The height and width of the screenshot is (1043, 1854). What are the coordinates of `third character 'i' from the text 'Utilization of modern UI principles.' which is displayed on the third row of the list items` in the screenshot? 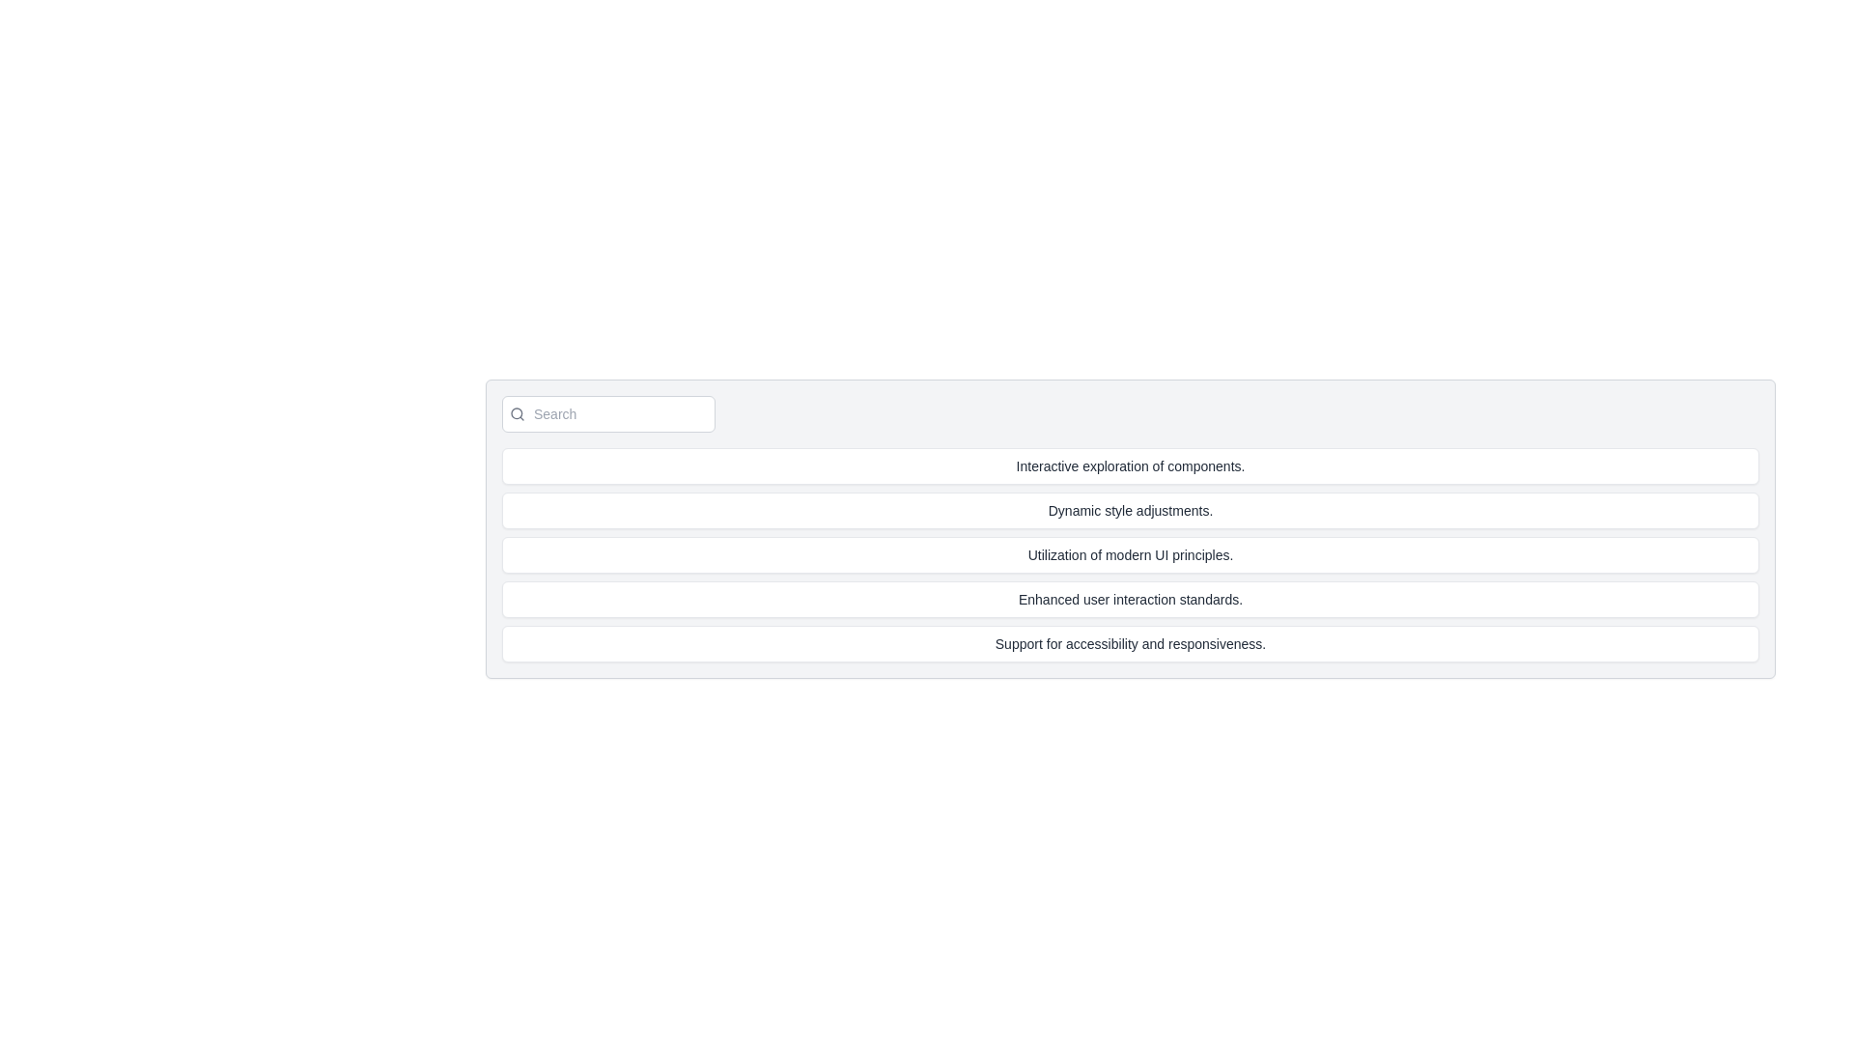 It's located at (1038, 554).